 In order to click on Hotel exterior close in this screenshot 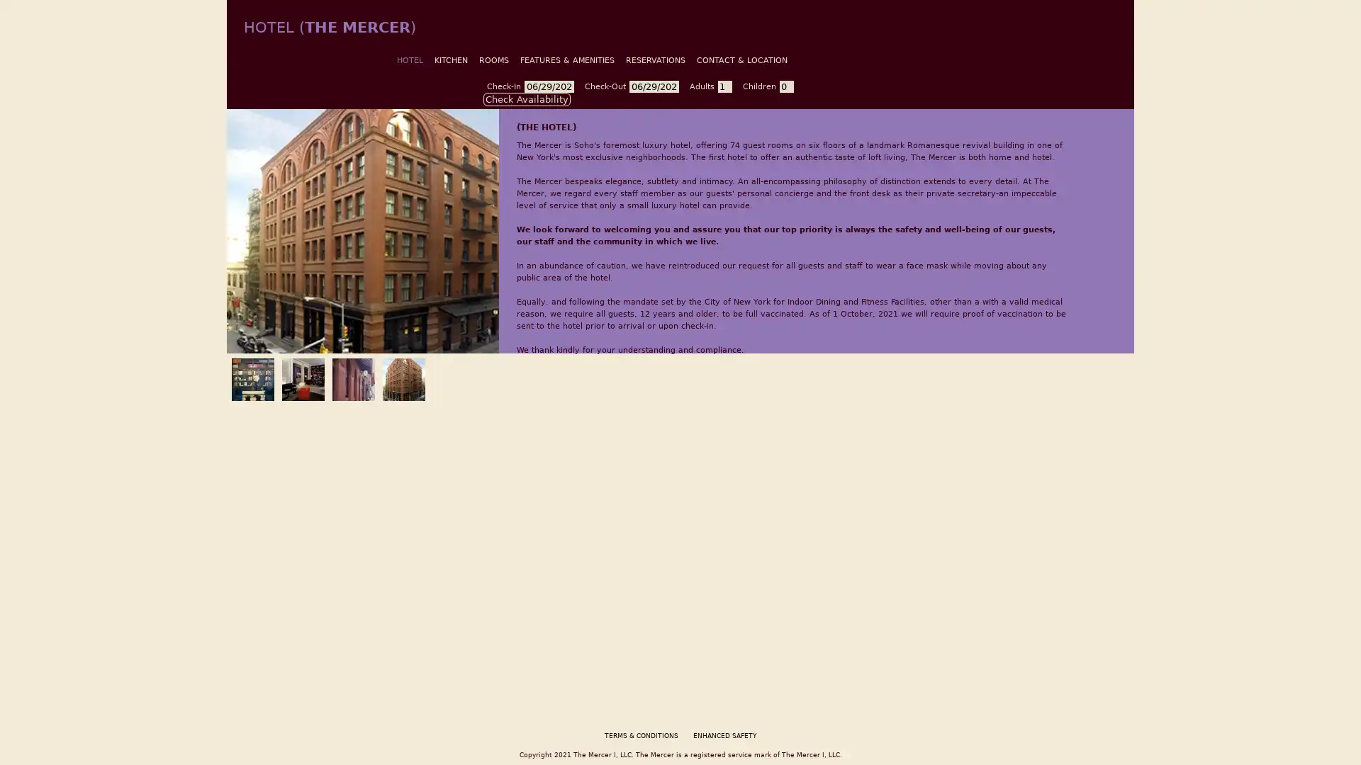, I will do `click(351, 376)`.